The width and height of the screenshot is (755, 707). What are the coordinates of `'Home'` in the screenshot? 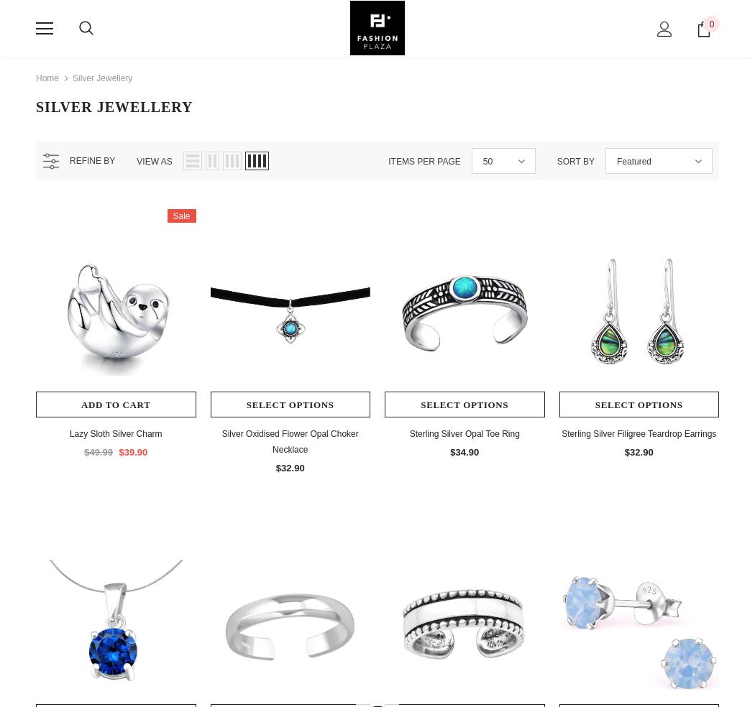 It's located at (47, 78).